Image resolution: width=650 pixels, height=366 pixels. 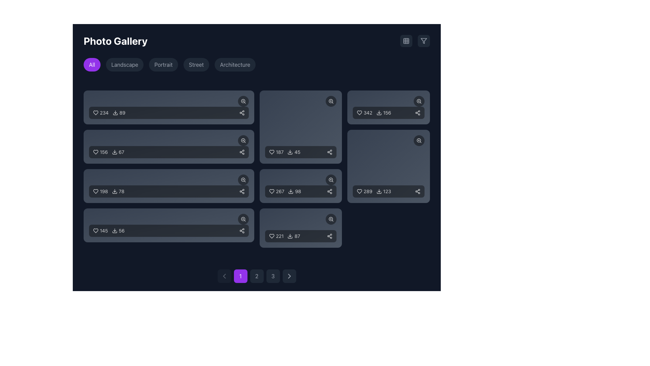 What do you see at coordinates (331, 180) in the screenshot?
I see `the zoom-in icon button located in the top-right corner of the card displaying '267 likes and 98 downloads' to potentially display a tooltip` at bounding box center [331, 180].